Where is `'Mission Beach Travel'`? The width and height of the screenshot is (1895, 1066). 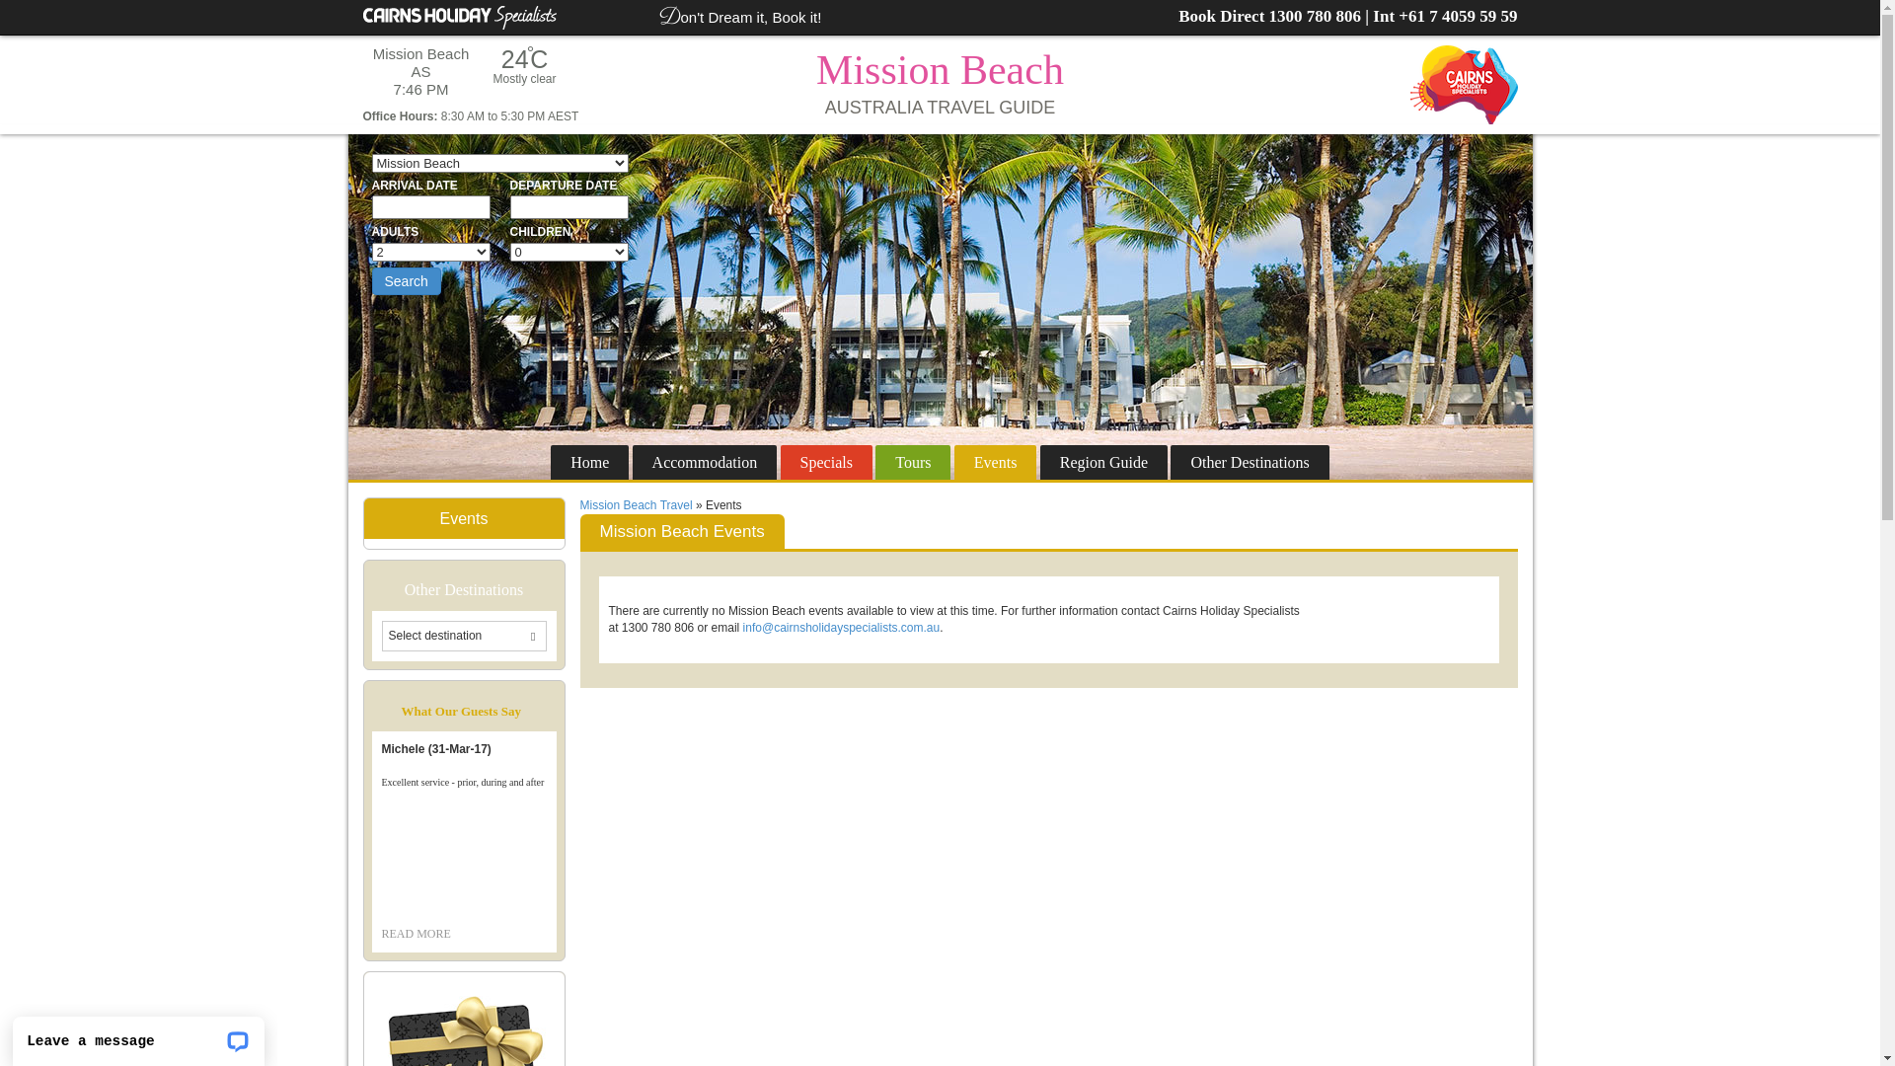
'Mission Beach Travel' is located at coordinates (636, 504).